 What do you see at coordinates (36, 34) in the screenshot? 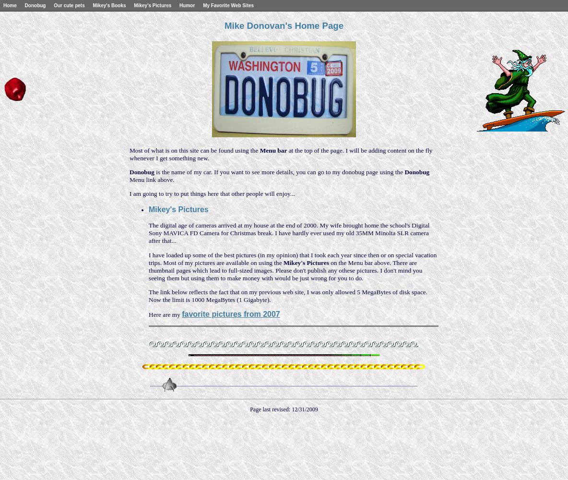
I see `'2018 Into the Midnight Sun'` at bounding box center [36, 34].